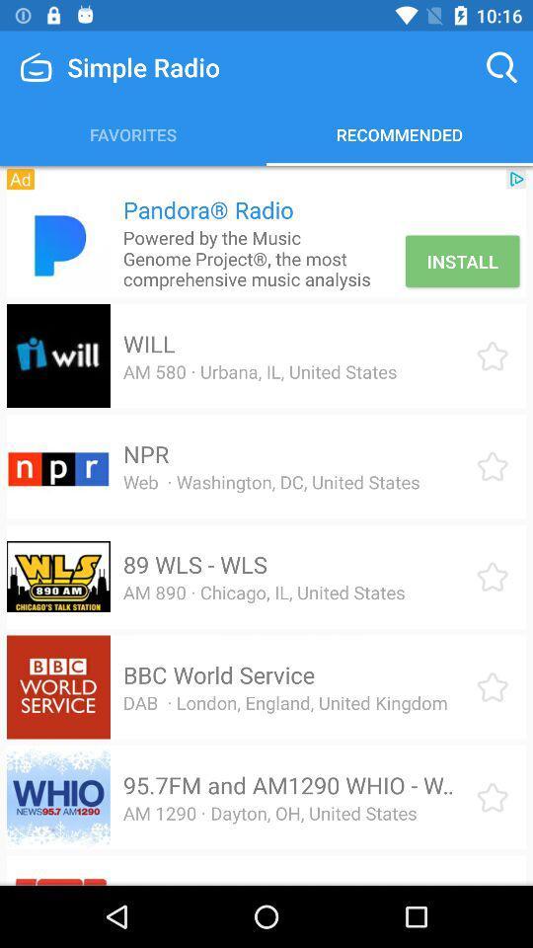 This screenshot has width=533, height=948. Describe the element at coordinates (501, 67) in the screenshot. I see `icon to the right of the simple radio` at that location.